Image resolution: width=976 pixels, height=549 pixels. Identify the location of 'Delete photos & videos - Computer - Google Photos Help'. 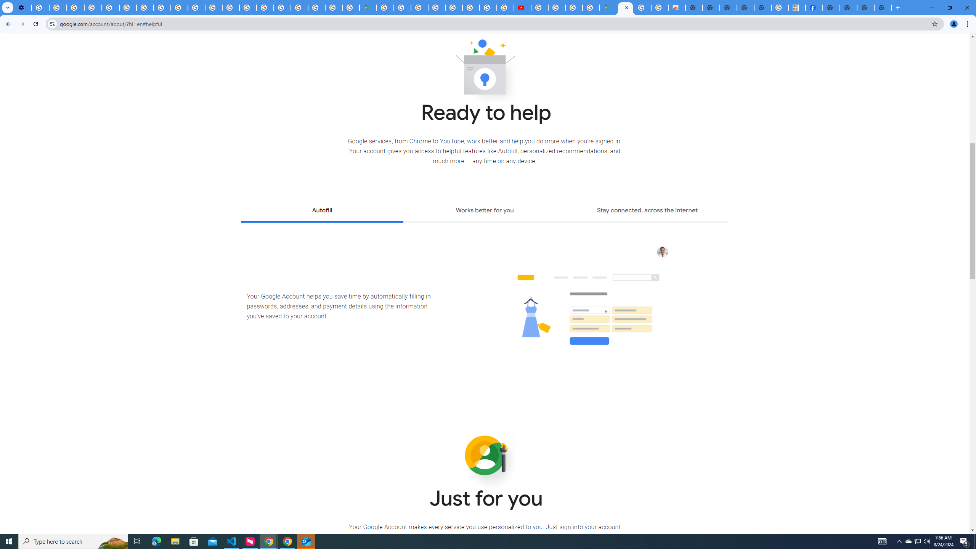
(40, 7).